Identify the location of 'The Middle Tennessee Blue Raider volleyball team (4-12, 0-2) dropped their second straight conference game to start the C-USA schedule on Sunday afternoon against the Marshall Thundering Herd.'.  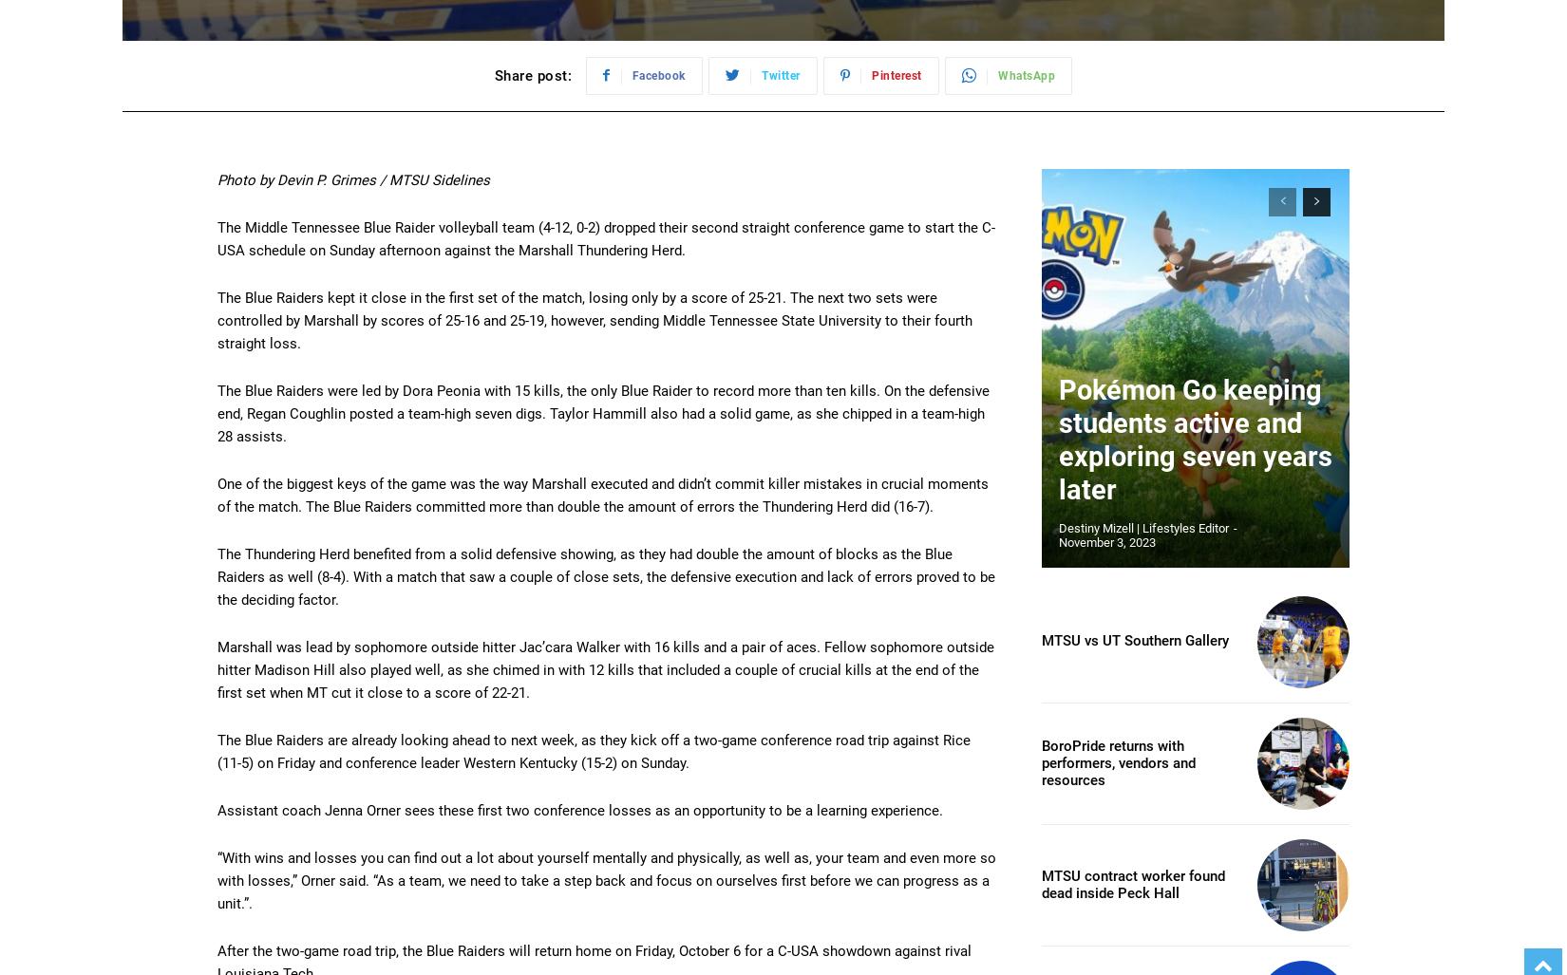
(605, 237).